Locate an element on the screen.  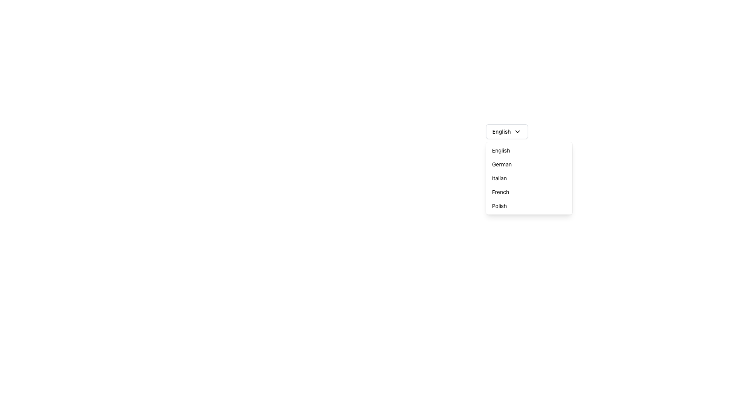
the dropdown item displaying 'English' is located at coordinates (528, 150).